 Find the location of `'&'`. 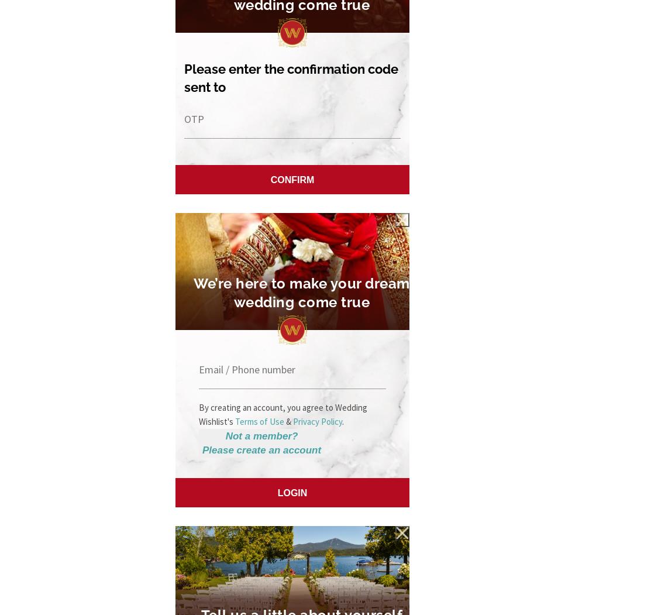

'&' is located at coordinates (288, 420).